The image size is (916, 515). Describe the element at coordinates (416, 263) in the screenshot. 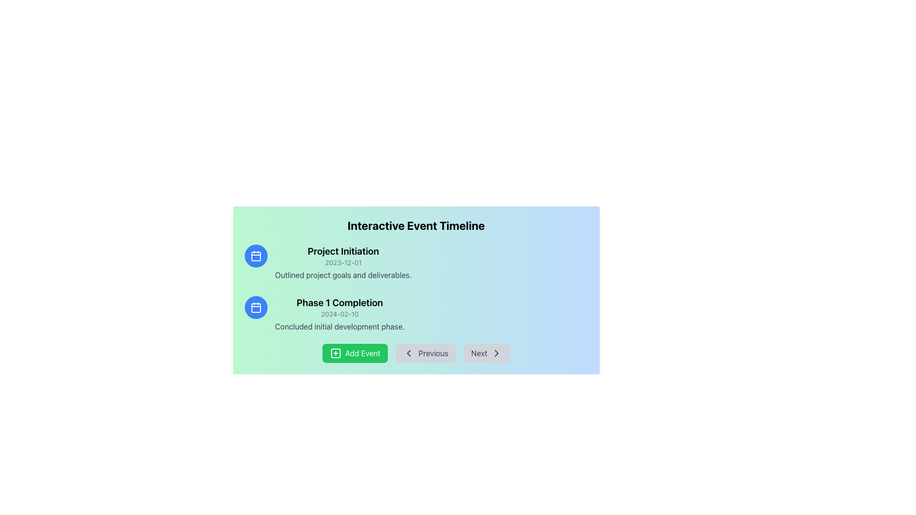

I see `the details of the Informational Card displaying information about a specific event, which is the first content block in the timeline section beneath the 'Interactive Event Timeline' header` at that location.